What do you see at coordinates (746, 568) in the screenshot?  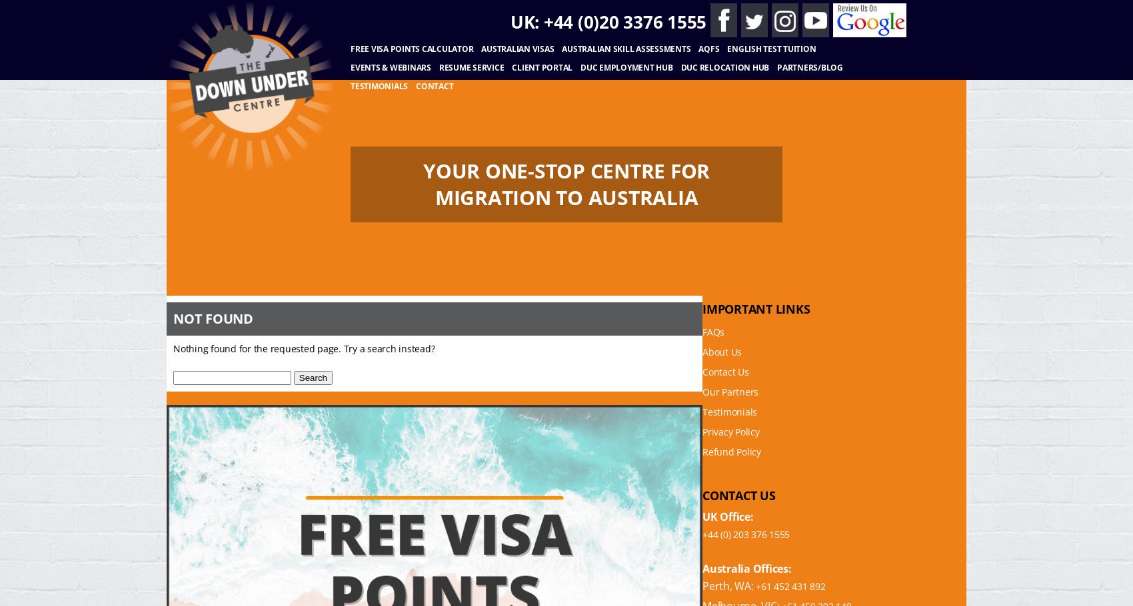 I see `'Australia Offices:'` at bounding box center [746, 568].